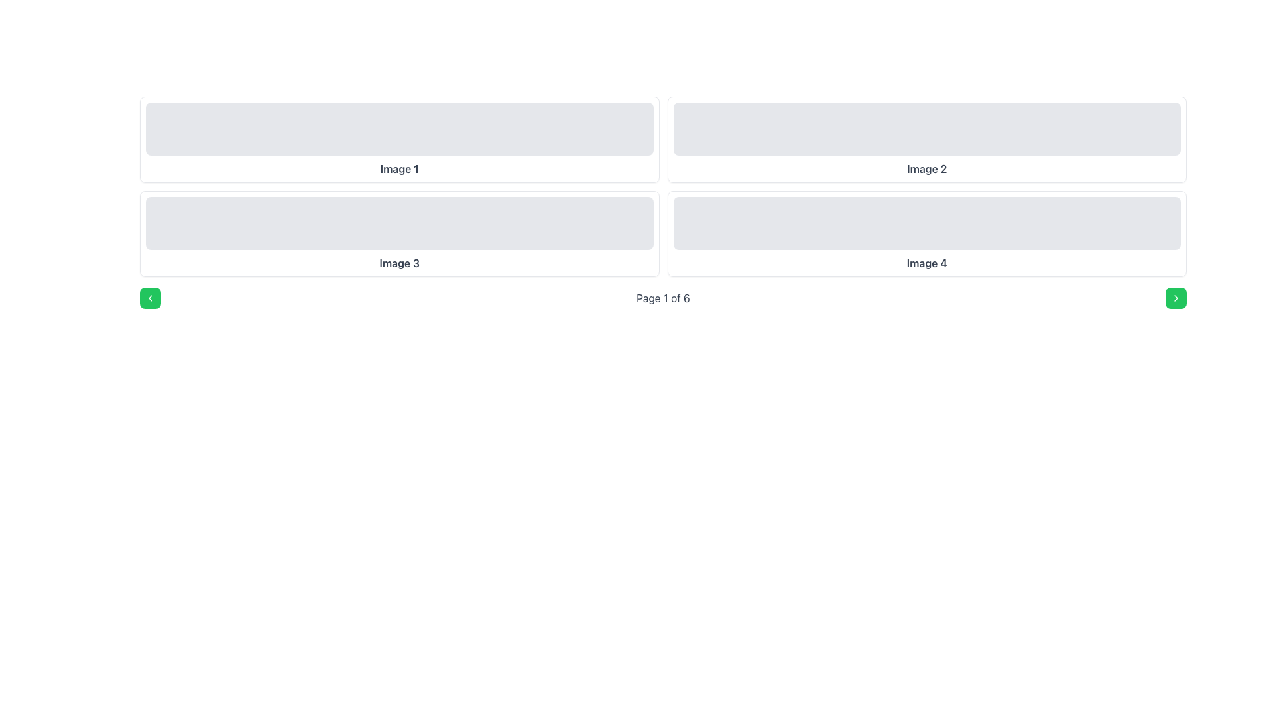 This screenshot has width=1273, height=716. Describe the element at coordinates (663, 298) in the screenshot. I see `the 'Page 1 of 6' text label located at the bottom of the grid layout, centered between two green navigation buttons` at that location.